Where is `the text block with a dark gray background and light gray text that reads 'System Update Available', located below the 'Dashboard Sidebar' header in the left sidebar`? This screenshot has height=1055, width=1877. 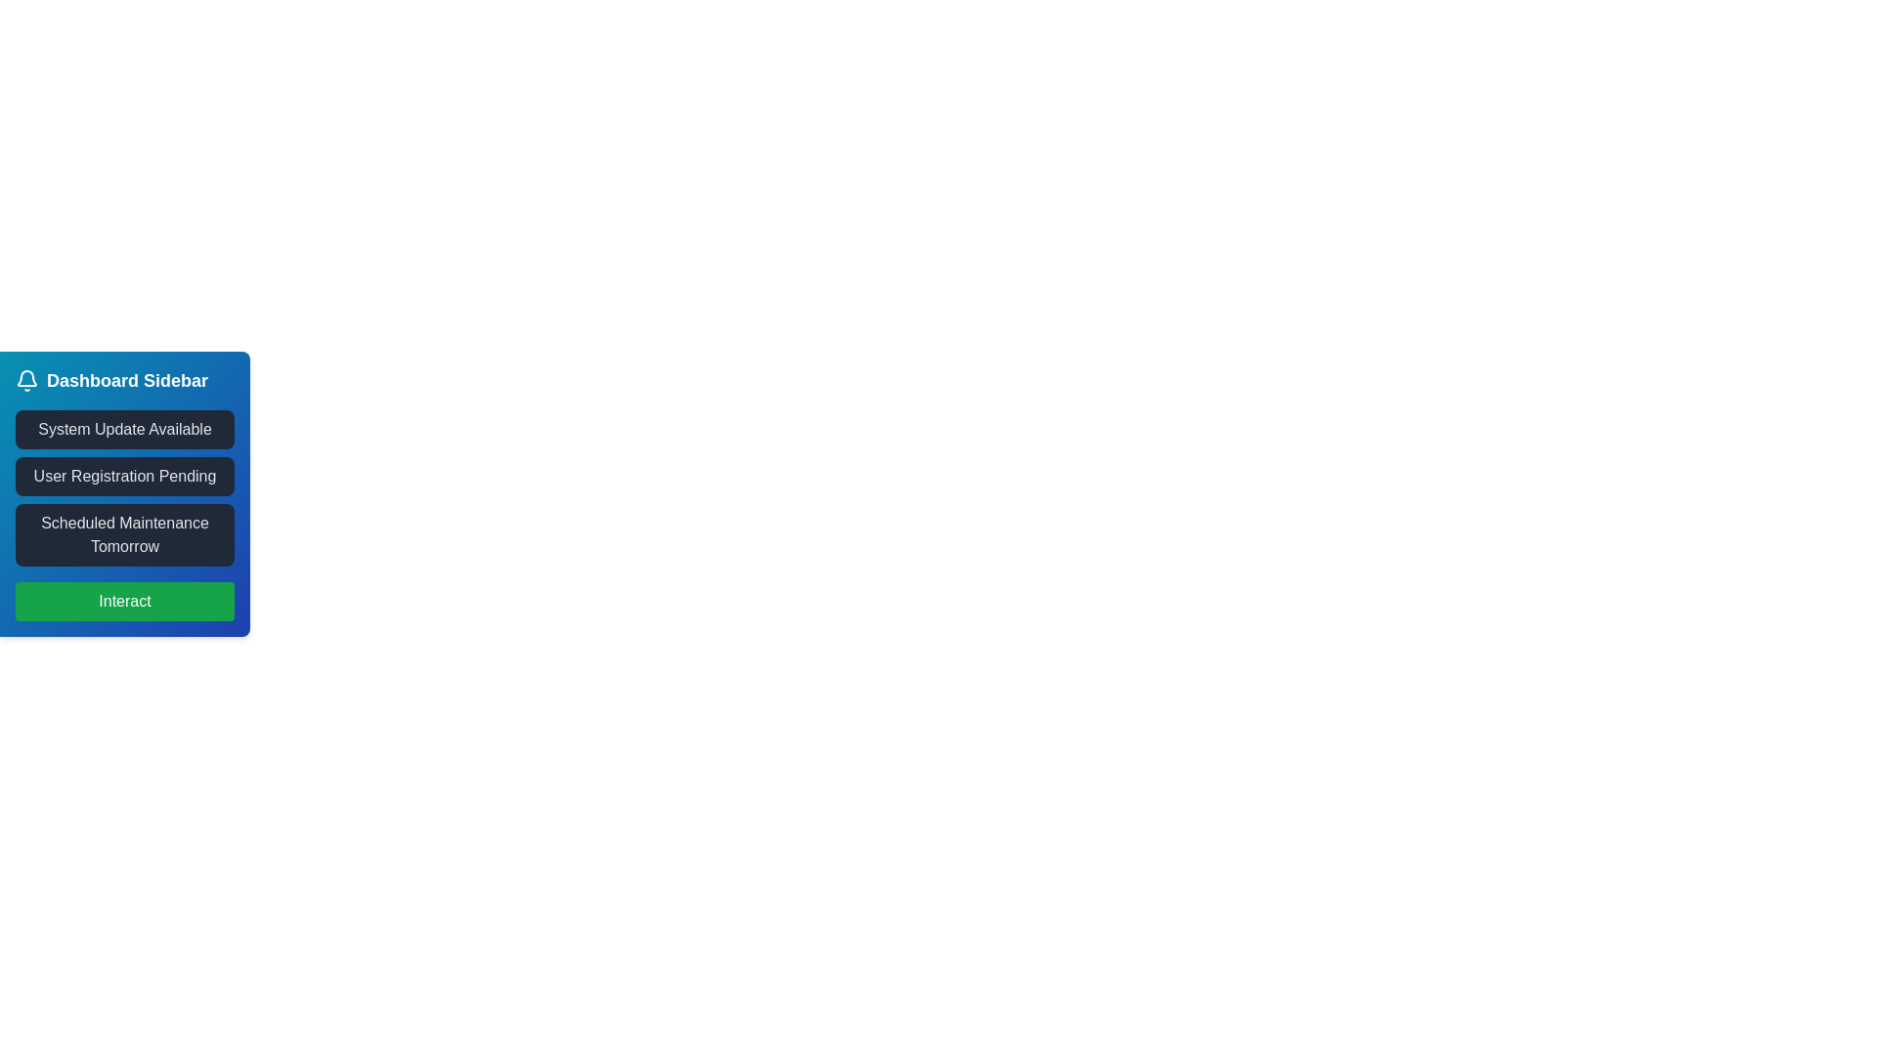
the text block with a dark gray background and light gray text that reads 'System Update Available', located below the 'Dashboard Sidebar' header in the left sidebar is located at coordinates (124, 428).